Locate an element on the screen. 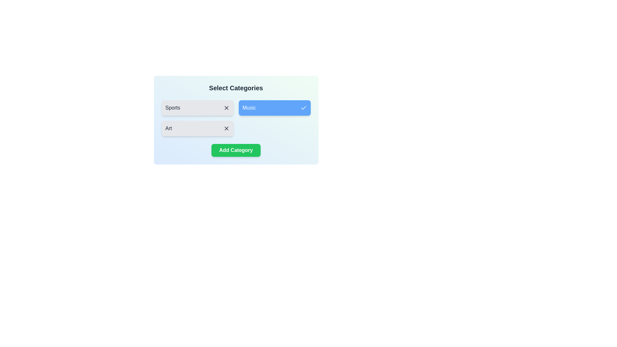 The image size is (617, 347). the category Art is located at coordinates (197, 129).